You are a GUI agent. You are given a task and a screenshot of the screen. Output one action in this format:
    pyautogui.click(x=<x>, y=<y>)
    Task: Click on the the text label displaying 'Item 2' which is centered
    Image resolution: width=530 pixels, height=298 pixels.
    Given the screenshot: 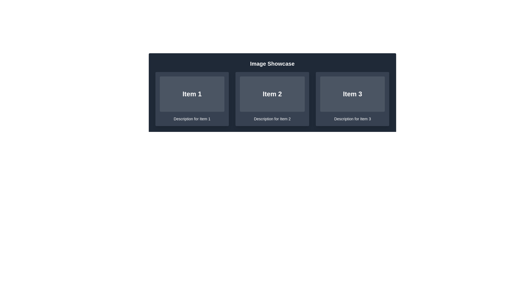 What is the action you would take?
    pyautogui.click(x=272, y=94)
    